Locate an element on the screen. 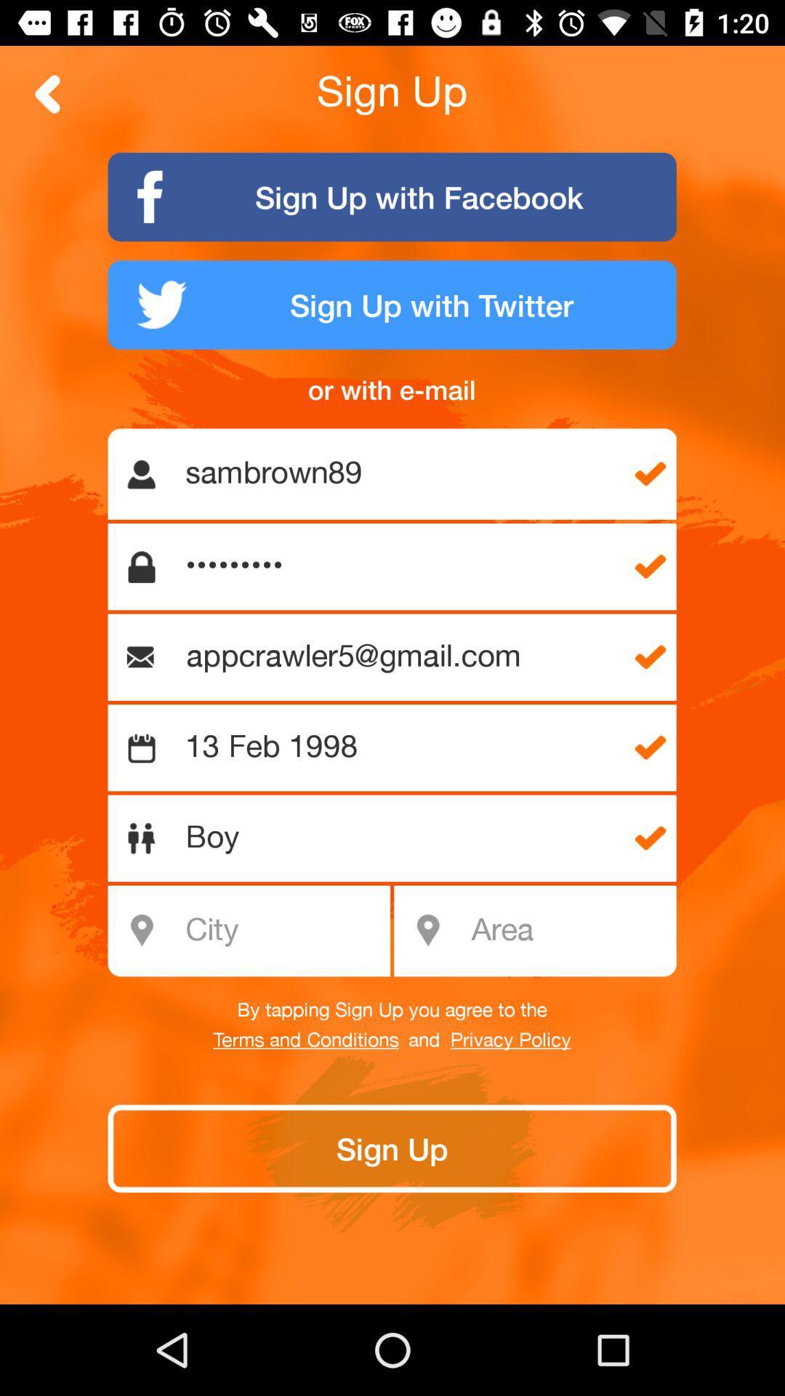 This screenshot has height=1396, width=785. the crowd3116 icon is located at coordinates (400, 566).